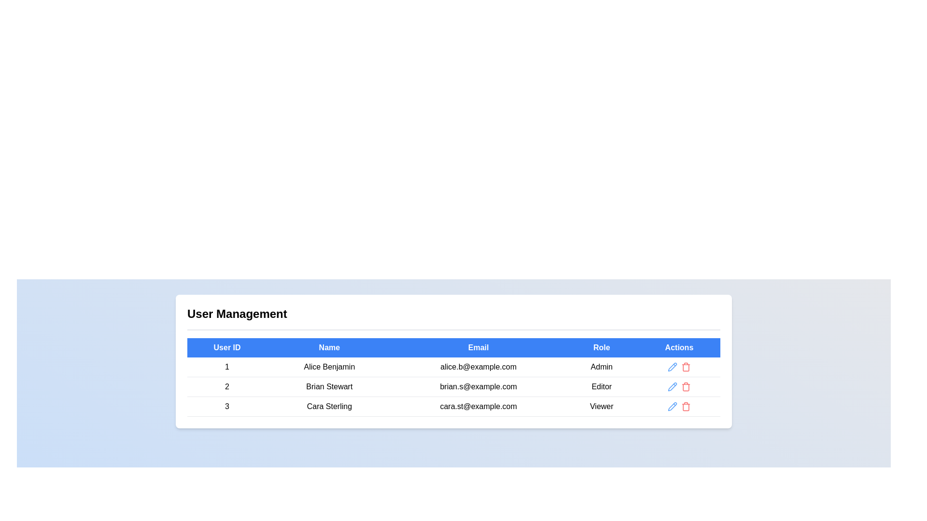 The image size is (927, 521). What do you see at coordinates (601, 386) in the screenshot?
I see `the 'Editor' text label in the 'Role' column of the user management table for user 'Brian Stewart'` at bounding box center [601, 386].